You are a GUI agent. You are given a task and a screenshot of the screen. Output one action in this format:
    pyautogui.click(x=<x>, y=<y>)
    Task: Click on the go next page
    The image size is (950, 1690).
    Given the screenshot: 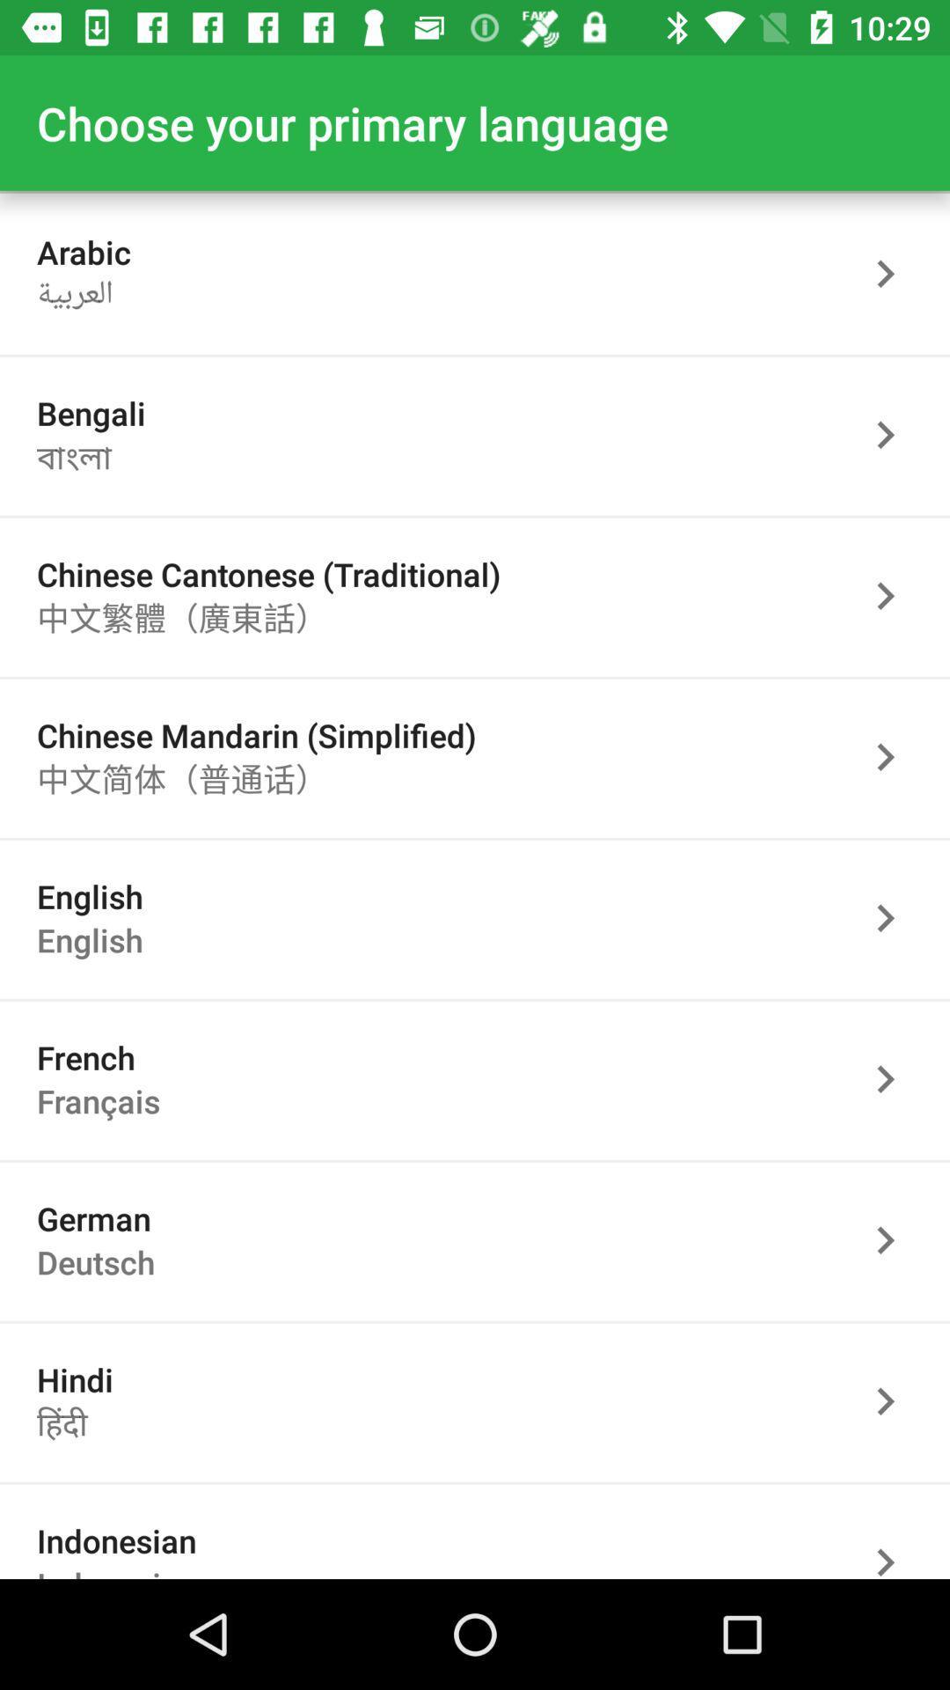 What is the action you would take?
    pyautogui.click(x=895, y=435)
    